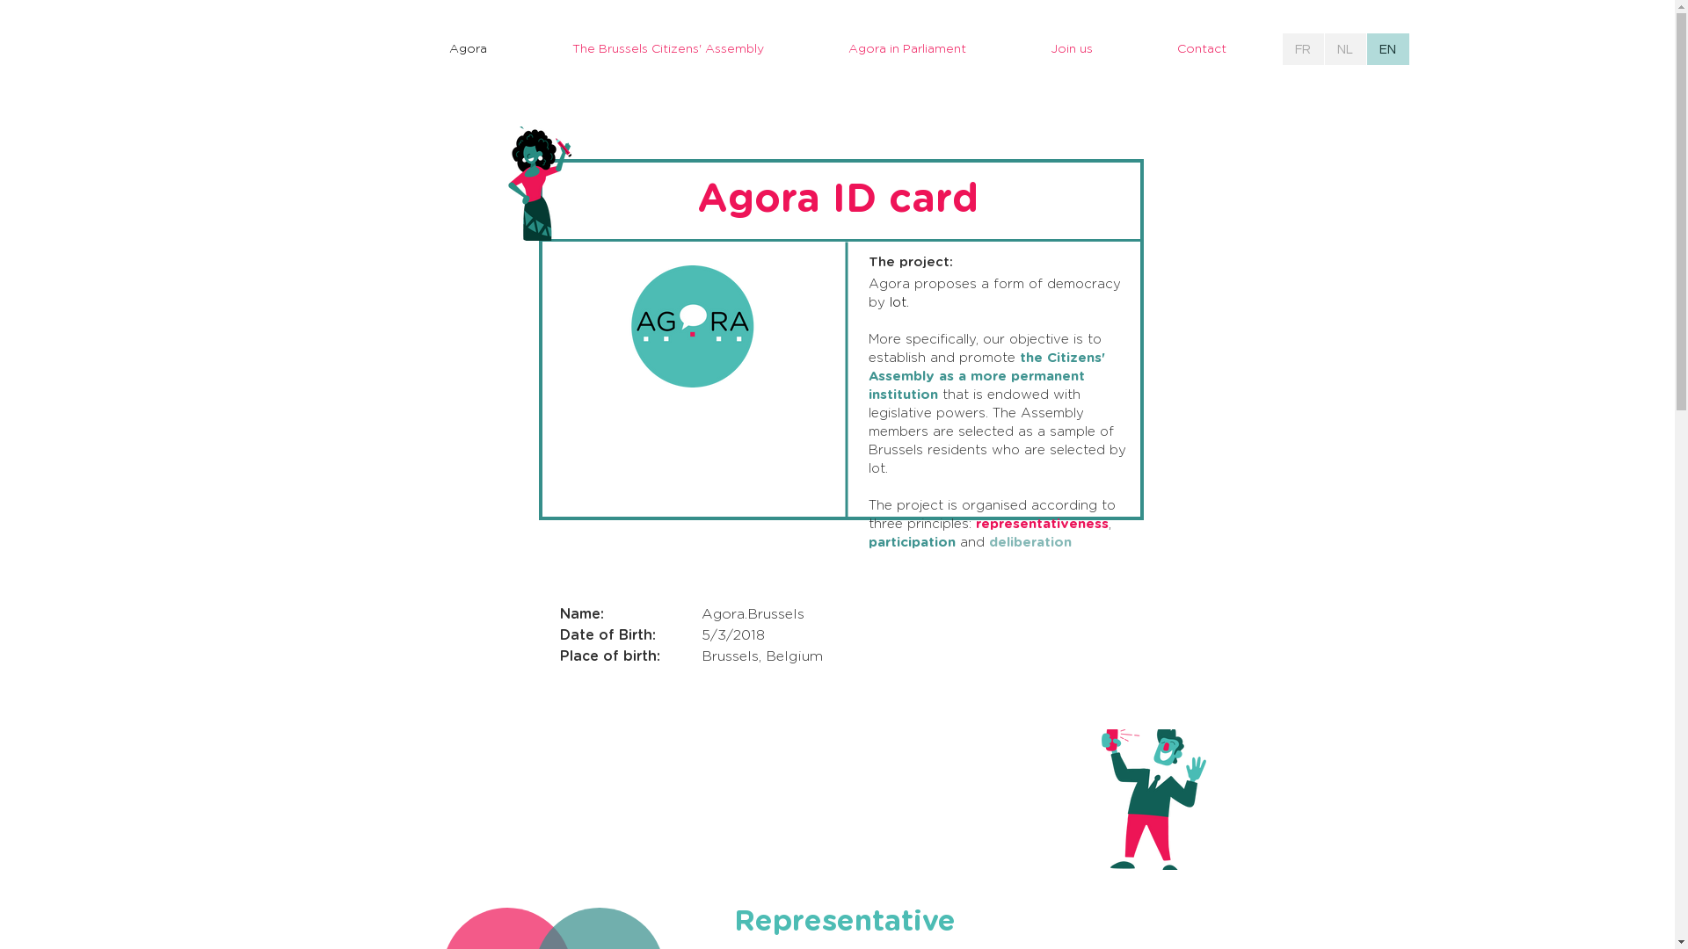  I want to click on 'Join us', so click(1070, 48).